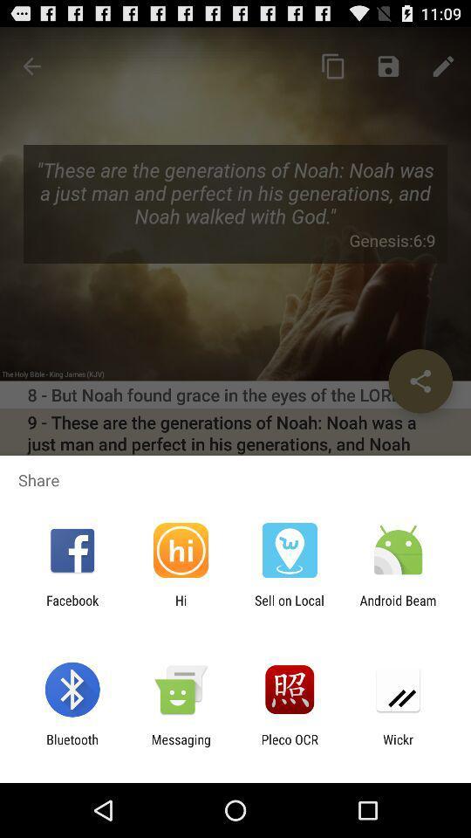  I want to click on the app to the left of the messaging icon, so click(72, 746).